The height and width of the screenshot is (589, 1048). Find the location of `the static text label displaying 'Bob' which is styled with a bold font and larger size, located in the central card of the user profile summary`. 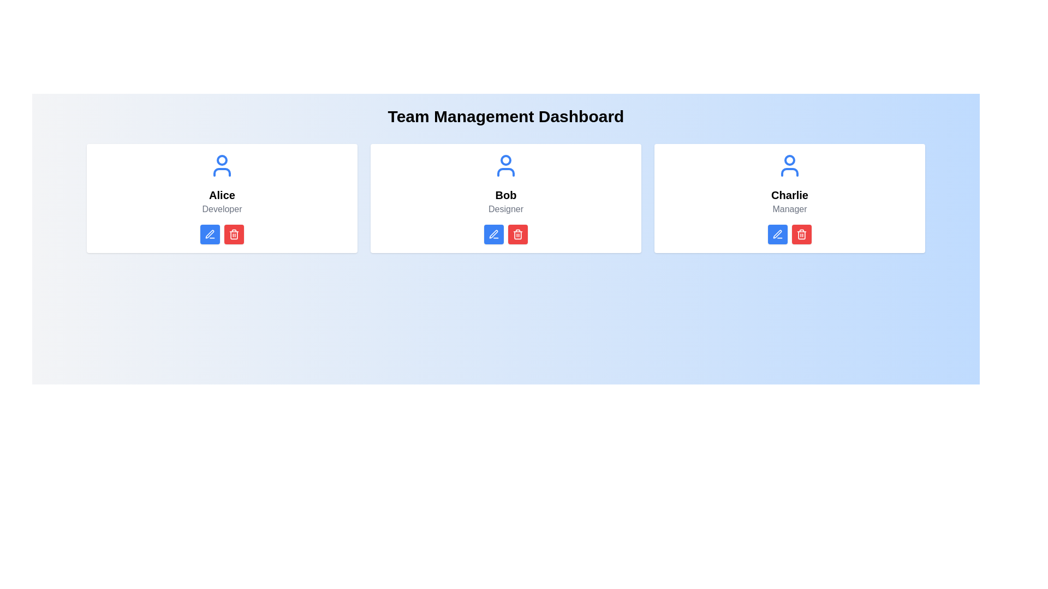

the static text label displaying 'Bob' which is styled with a bold font and larger size, located in the central card of the user profile summary is located at coordinates (505, 195).